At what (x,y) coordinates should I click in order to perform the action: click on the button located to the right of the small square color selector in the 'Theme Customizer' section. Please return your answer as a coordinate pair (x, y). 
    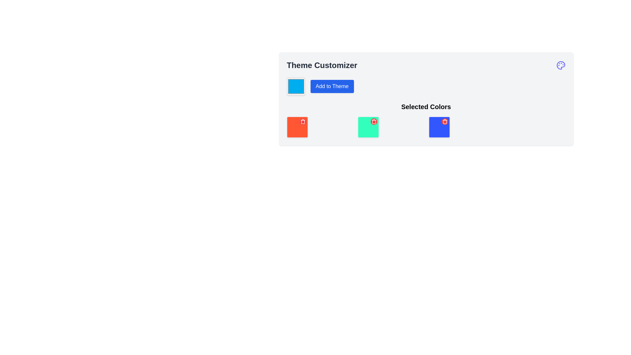
    Looking at the image, I should click on (332, 86).